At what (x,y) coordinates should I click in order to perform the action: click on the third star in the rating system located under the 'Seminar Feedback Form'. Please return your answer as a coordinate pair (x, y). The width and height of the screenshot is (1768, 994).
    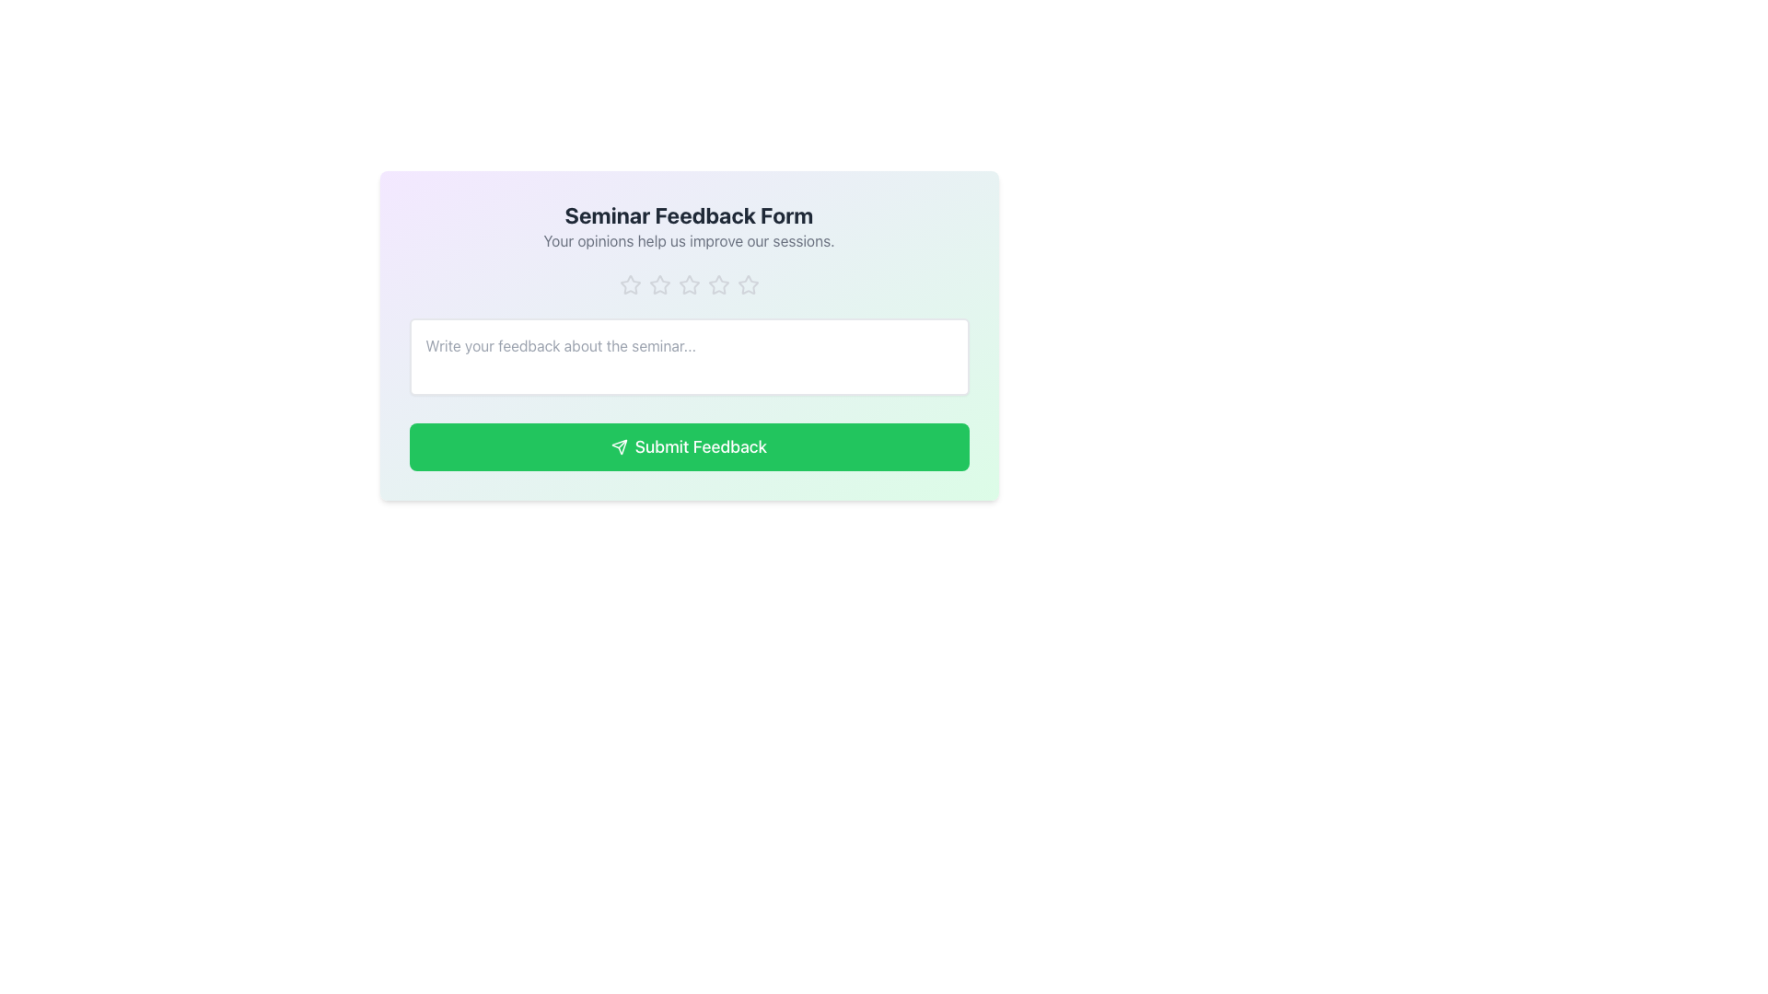
    Looking at the image, I should click on (688, 284).